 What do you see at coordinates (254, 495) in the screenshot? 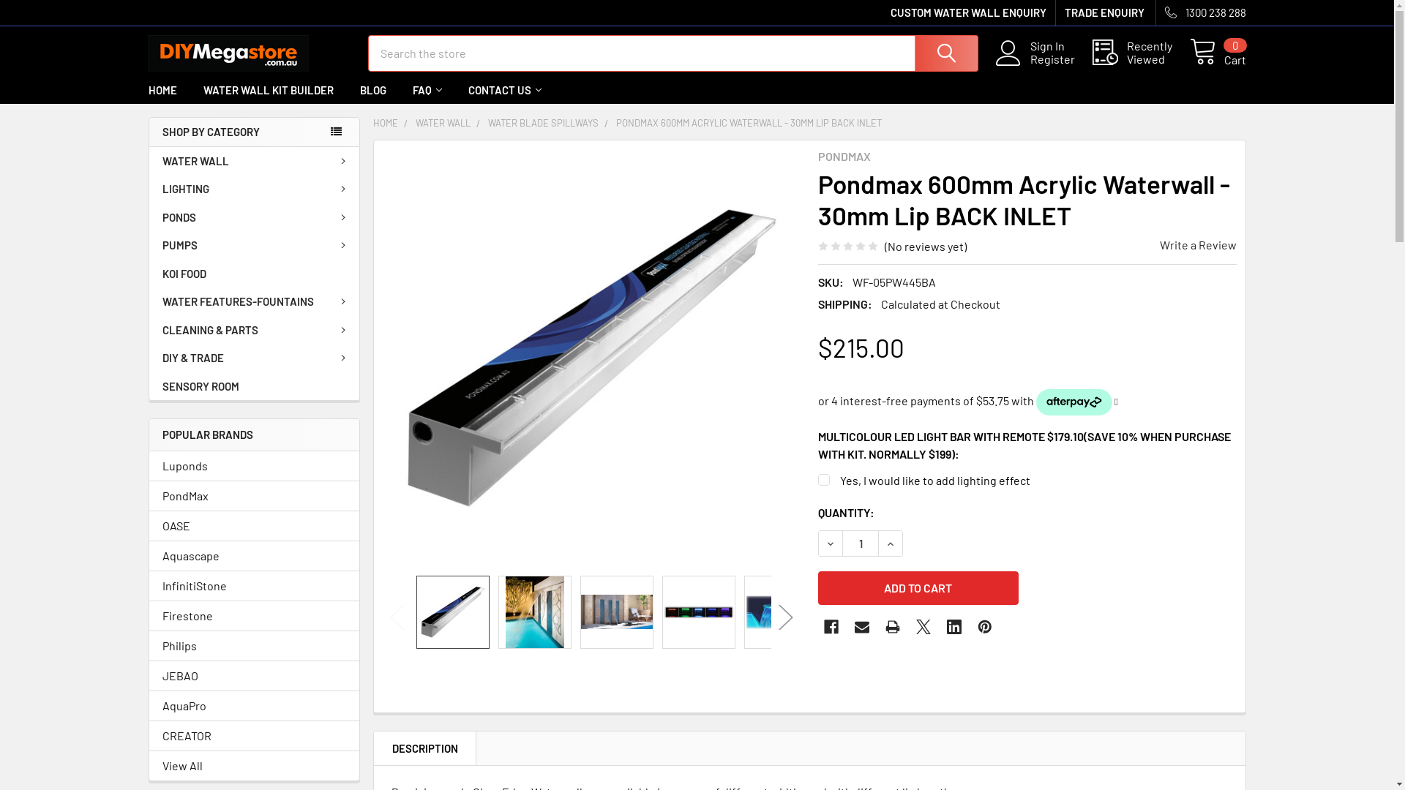
I see `'PondMax'` at bounding box center [254, 495].